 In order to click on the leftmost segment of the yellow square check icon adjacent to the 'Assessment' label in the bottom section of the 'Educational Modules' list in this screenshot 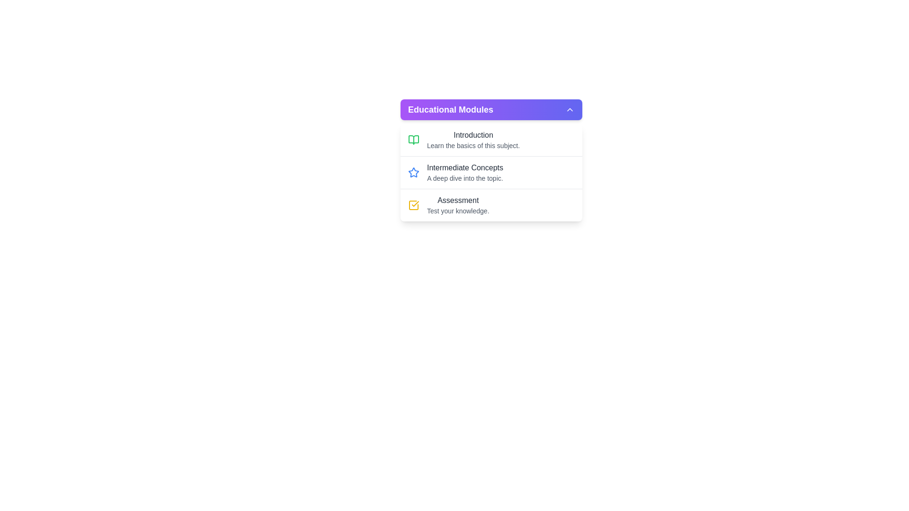, I will do `click(413, 205)`.